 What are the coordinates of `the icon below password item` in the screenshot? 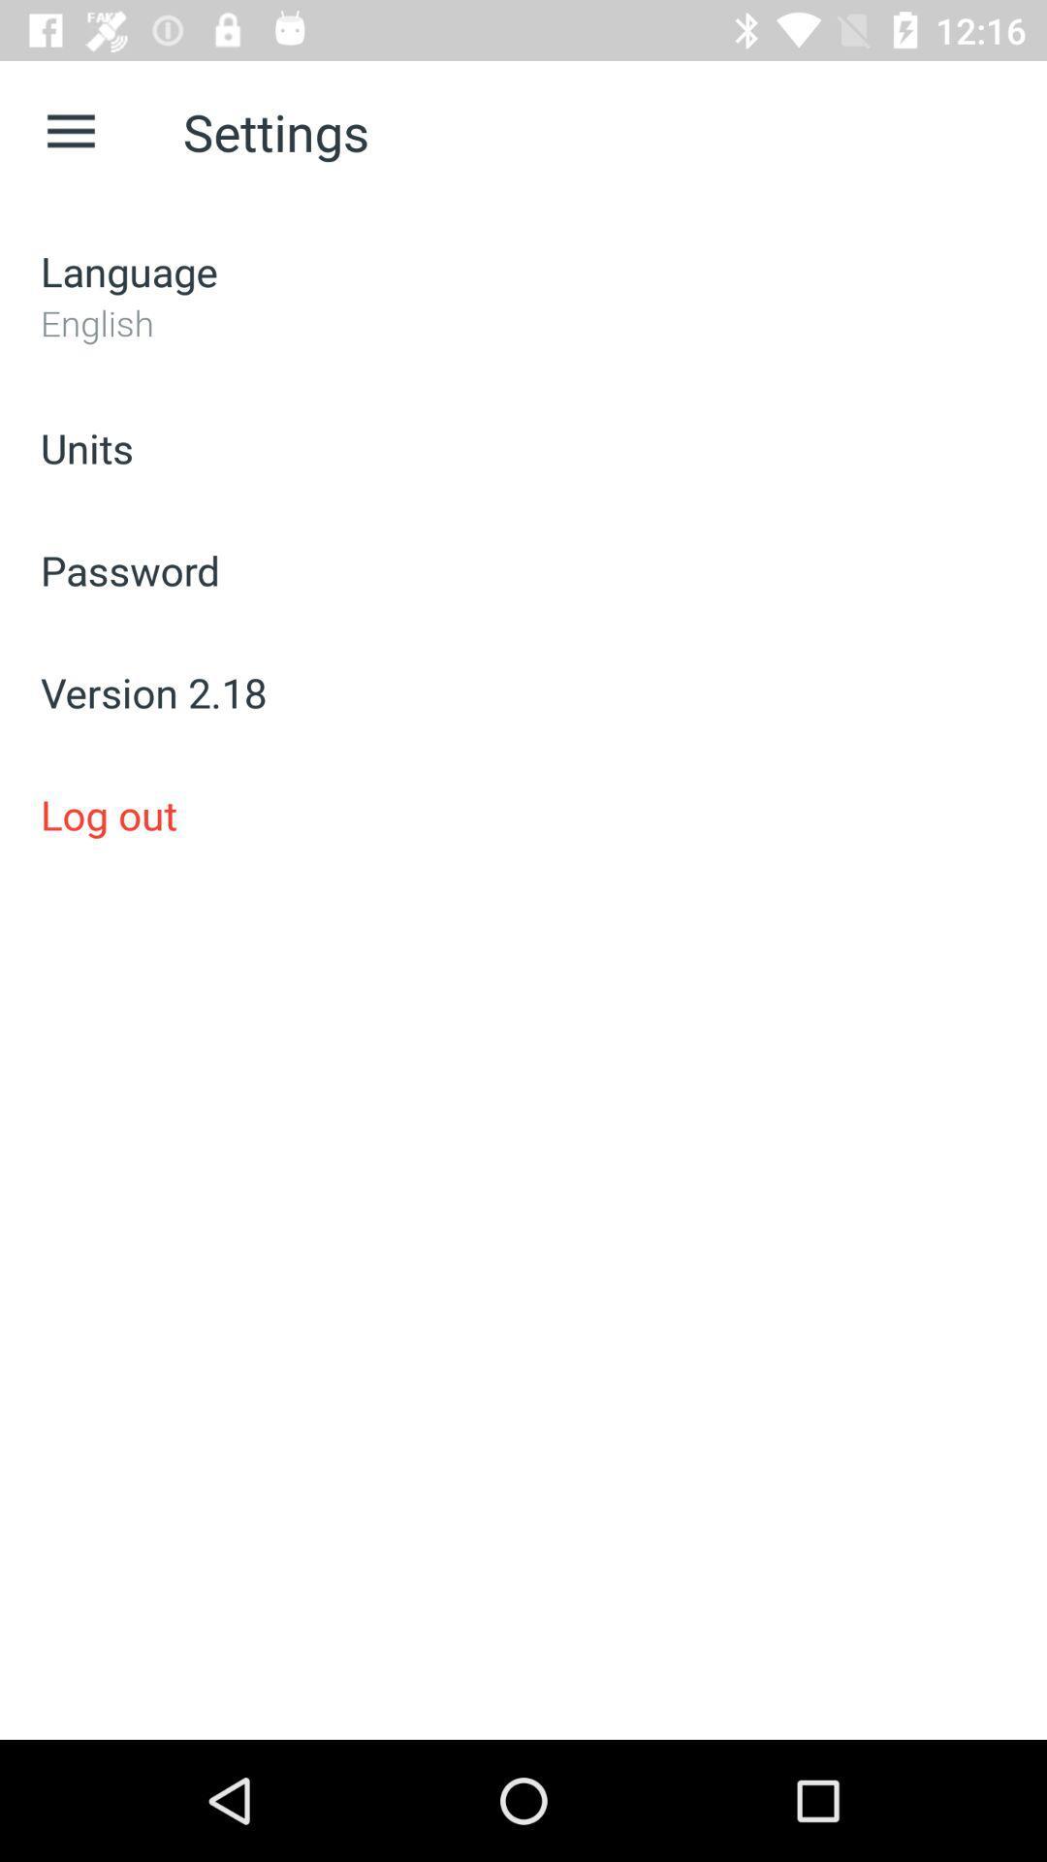 It's located at (523, 692).